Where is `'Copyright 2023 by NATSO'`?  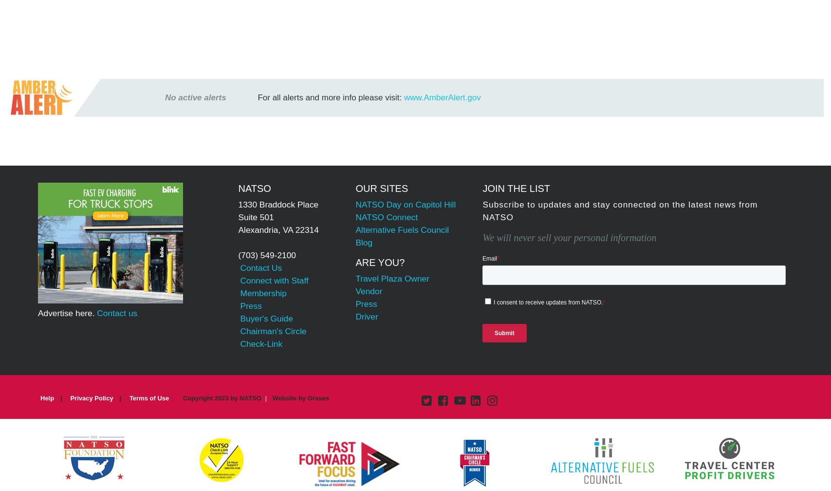
'Copyright 2023 by NATSO' is located at coordinates (222, 397).